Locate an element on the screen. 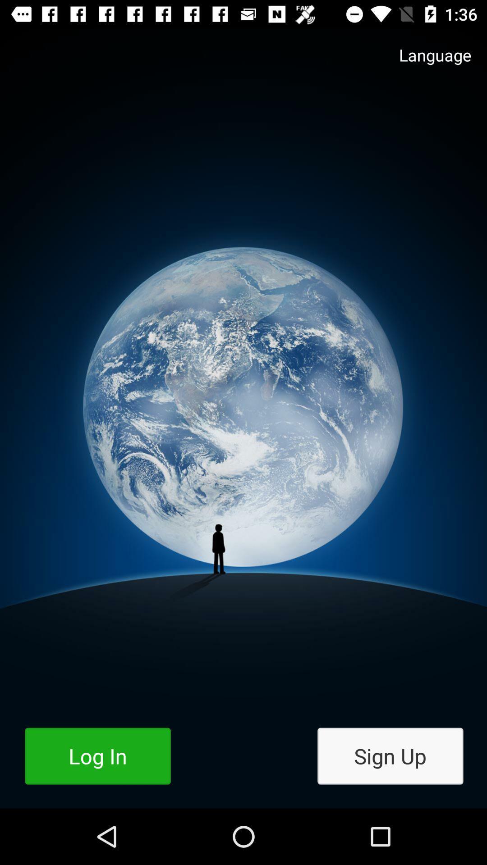 This screenshot has width=487, height=865. the item next to log in button is located at coordinates (390, 756).